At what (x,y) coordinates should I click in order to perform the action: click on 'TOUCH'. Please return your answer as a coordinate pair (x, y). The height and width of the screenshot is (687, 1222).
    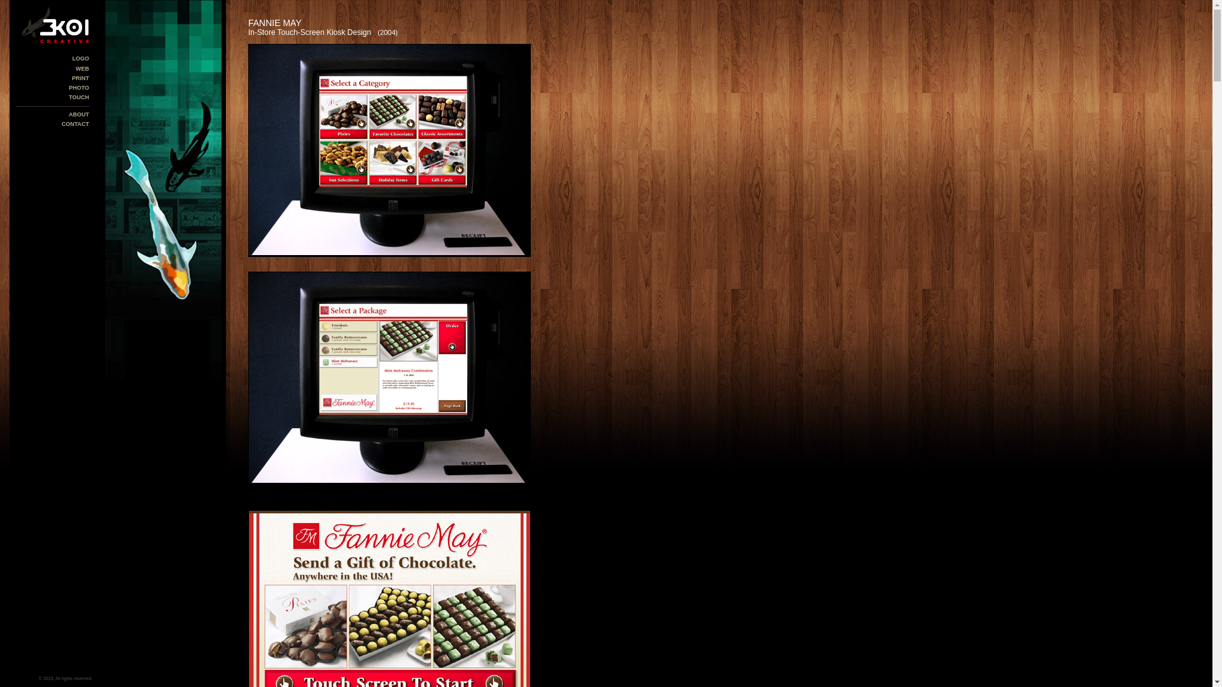
    Looking at the image, I should click on (68, 97).